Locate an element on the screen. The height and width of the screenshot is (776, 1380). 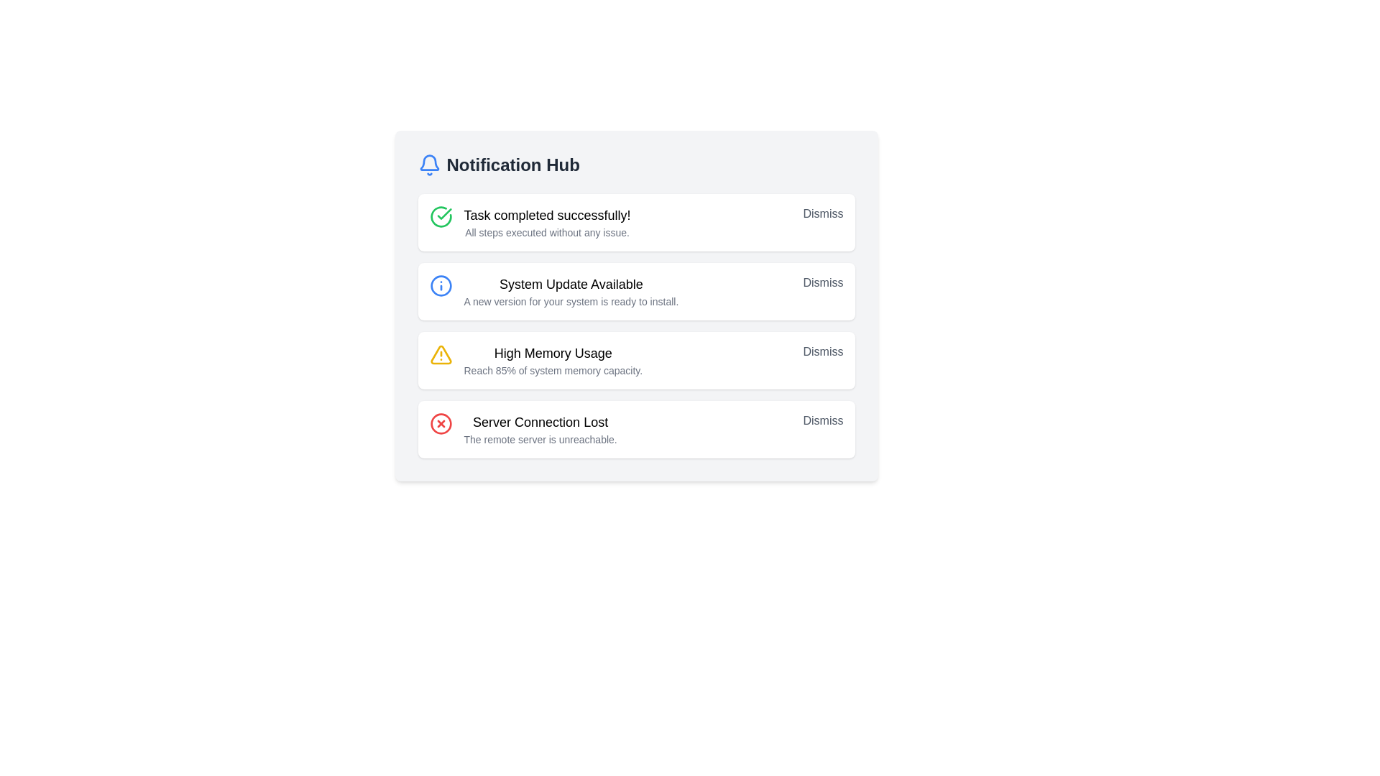
the dismiss button located at the top-right corner of the notification message 'Task completed successfully!' to change its color is located at coordinates (823, 213).